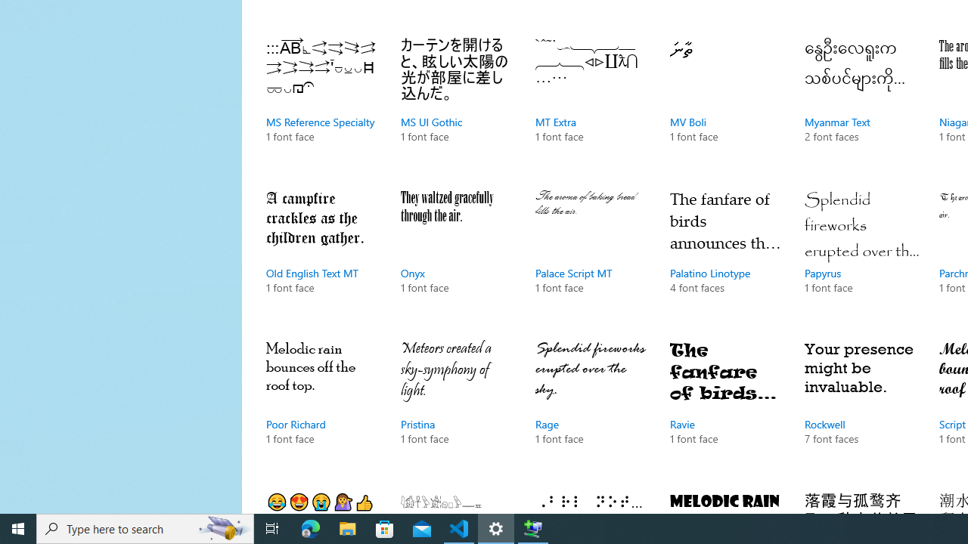 This screenshot has height=544, width=968. What do you see at coordinates (727, 408) in the screenshot?
I see `'Ravie, 1 font face'` at bounding box center [727, 408].